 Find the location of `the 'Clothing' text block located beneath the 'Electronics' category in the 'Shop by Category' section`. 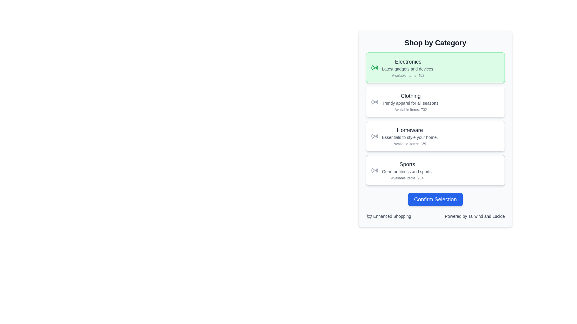

the 'Clothing' text block located beneath the 'Electronics' category in the 'Shop by Category' section is located at coordinates (410, 101).